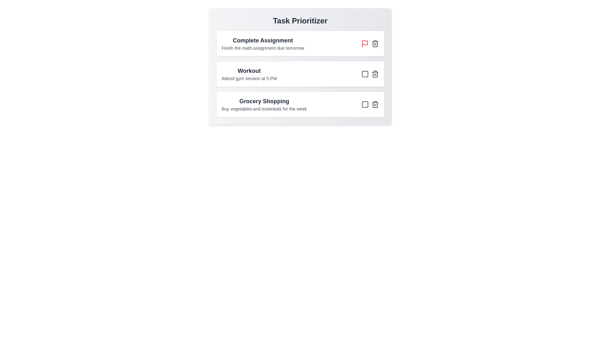 This screenshot has height=342, width=609. What do you see at coordinates (249, 78) in the screenshot?
I see `the task description text for Workout` at bounding box center [249, 78].